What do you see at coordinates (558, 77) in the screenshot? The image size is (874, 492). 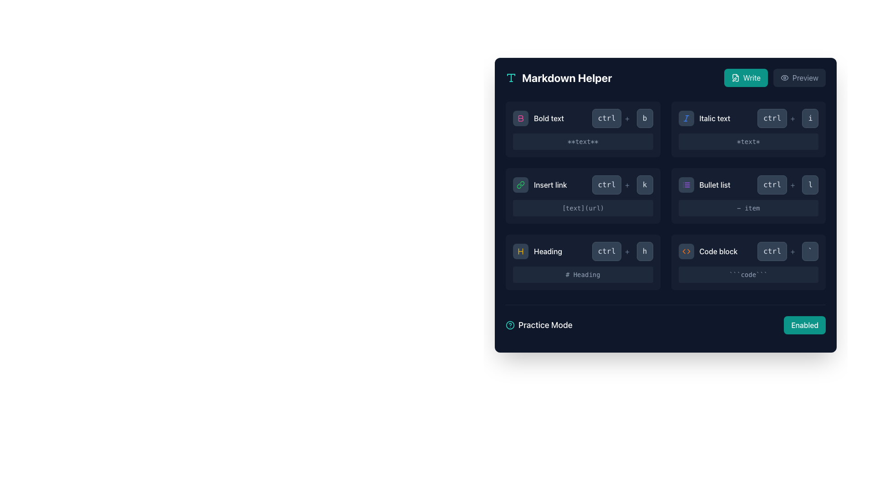 I see `the 'Markdown Helper' static label, which is a prominently styled header text in bold white with a teal 'T' icon on its left, located at the top-left of the user interface` at bounding box center [558, 77].